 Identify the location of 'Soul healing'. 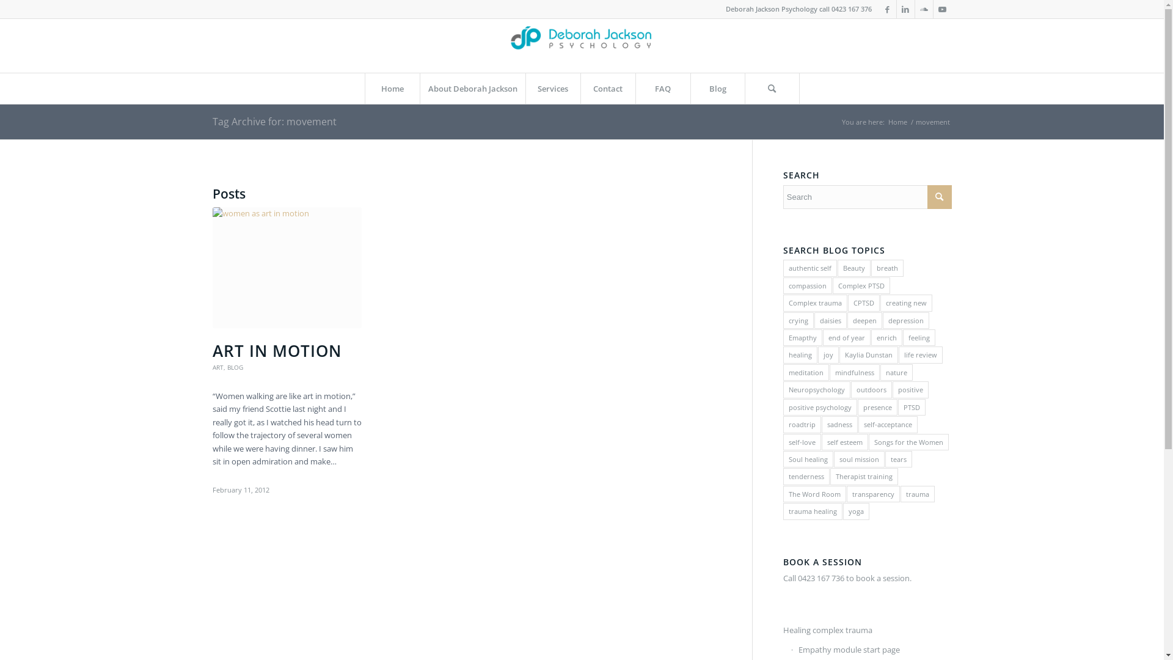
(808, 459).